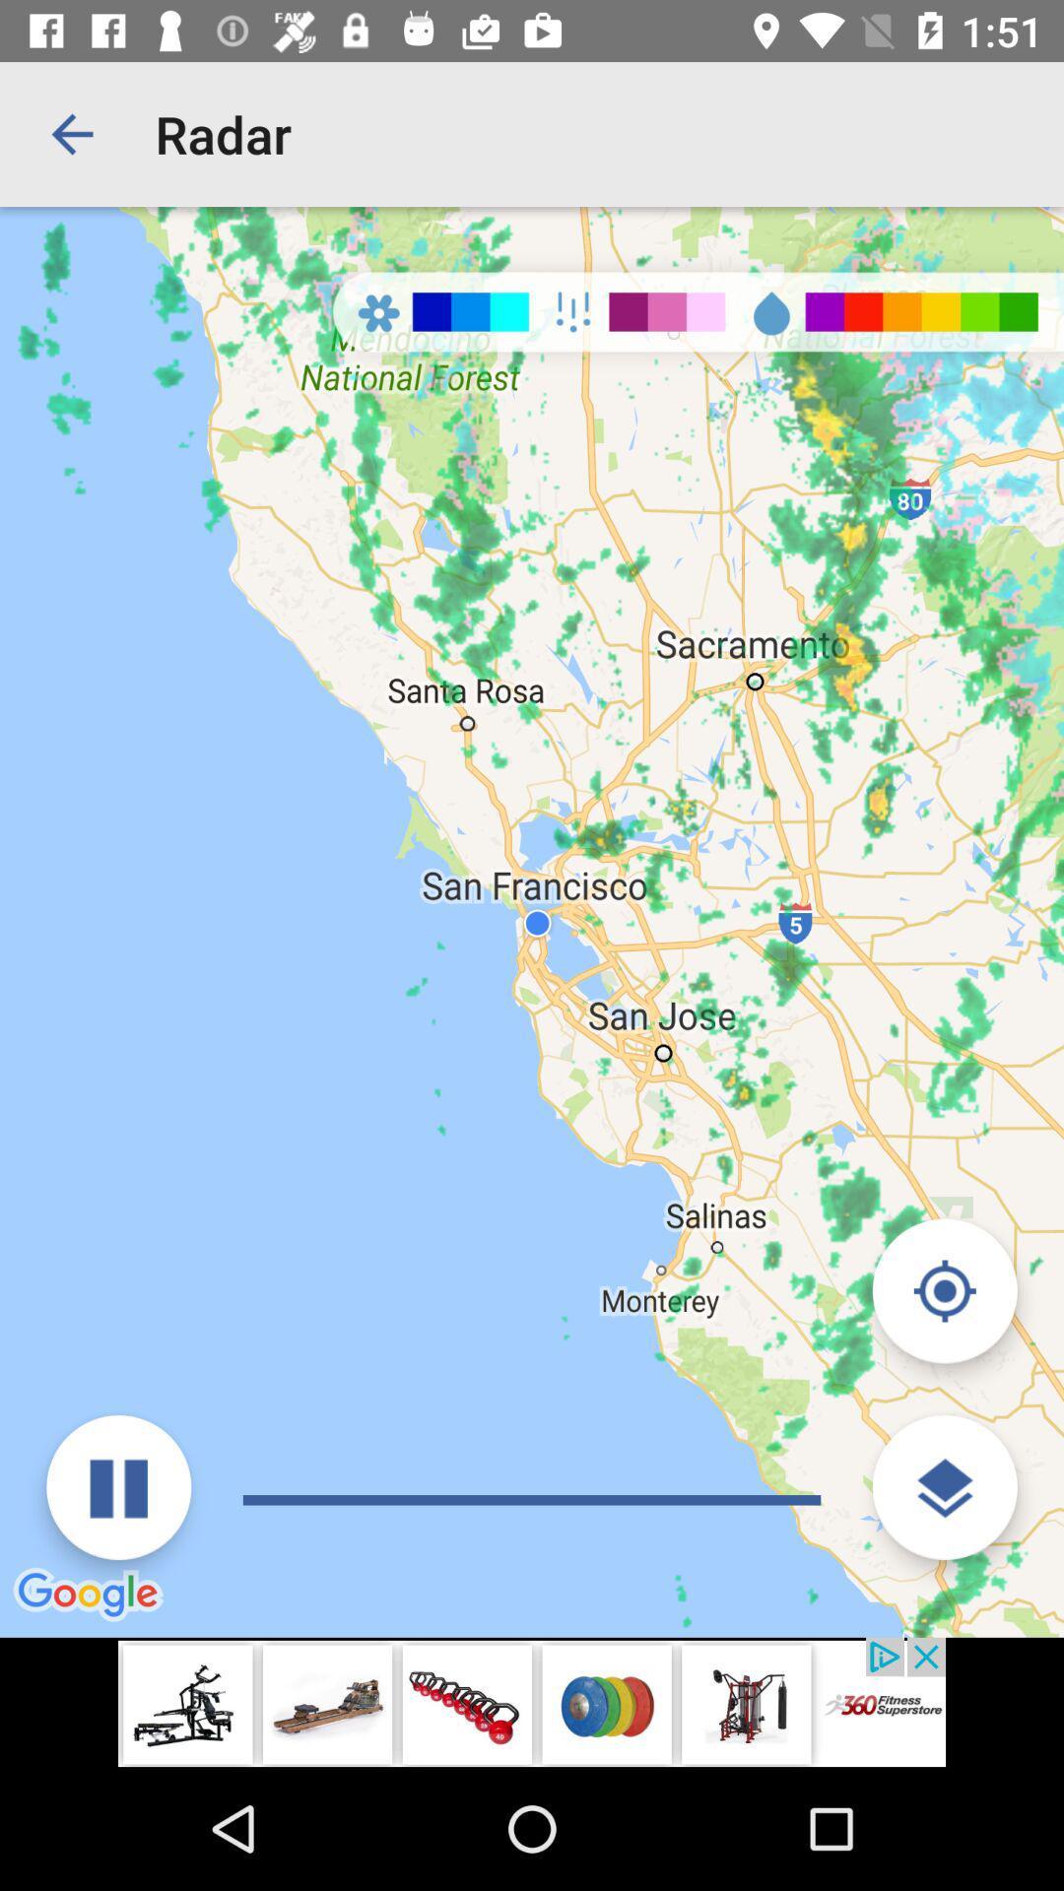 This screenshot has height=1891, width=1064. Describe the element at coordinates (532, 1701) in the screenshot. I see `see advertisement` at that location.